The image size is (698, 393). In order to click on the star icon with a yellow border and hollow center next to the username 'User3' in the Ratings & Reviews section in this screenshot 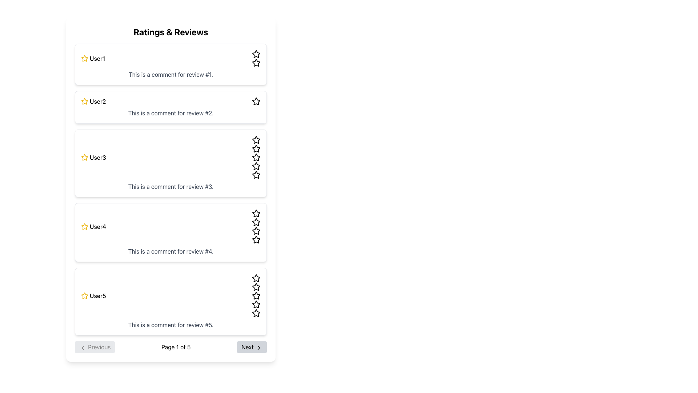, I will do `click(85, 157)`.